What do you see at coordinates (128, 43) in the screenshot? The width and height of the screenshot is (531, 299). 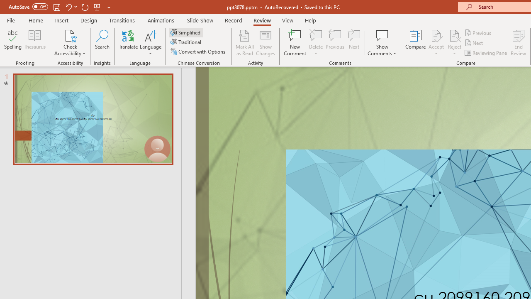 I see `'Translate'` at bounding box center [128, 43].